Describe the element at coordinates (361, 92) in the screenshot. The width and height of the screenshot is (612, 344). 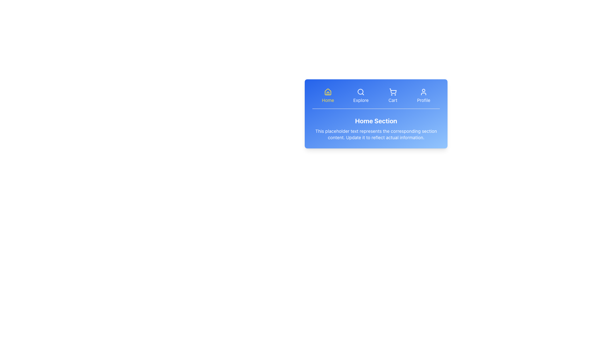
I see `the search button with a circular magnifying glass outline and 'Explore' text beneath it` at that location.